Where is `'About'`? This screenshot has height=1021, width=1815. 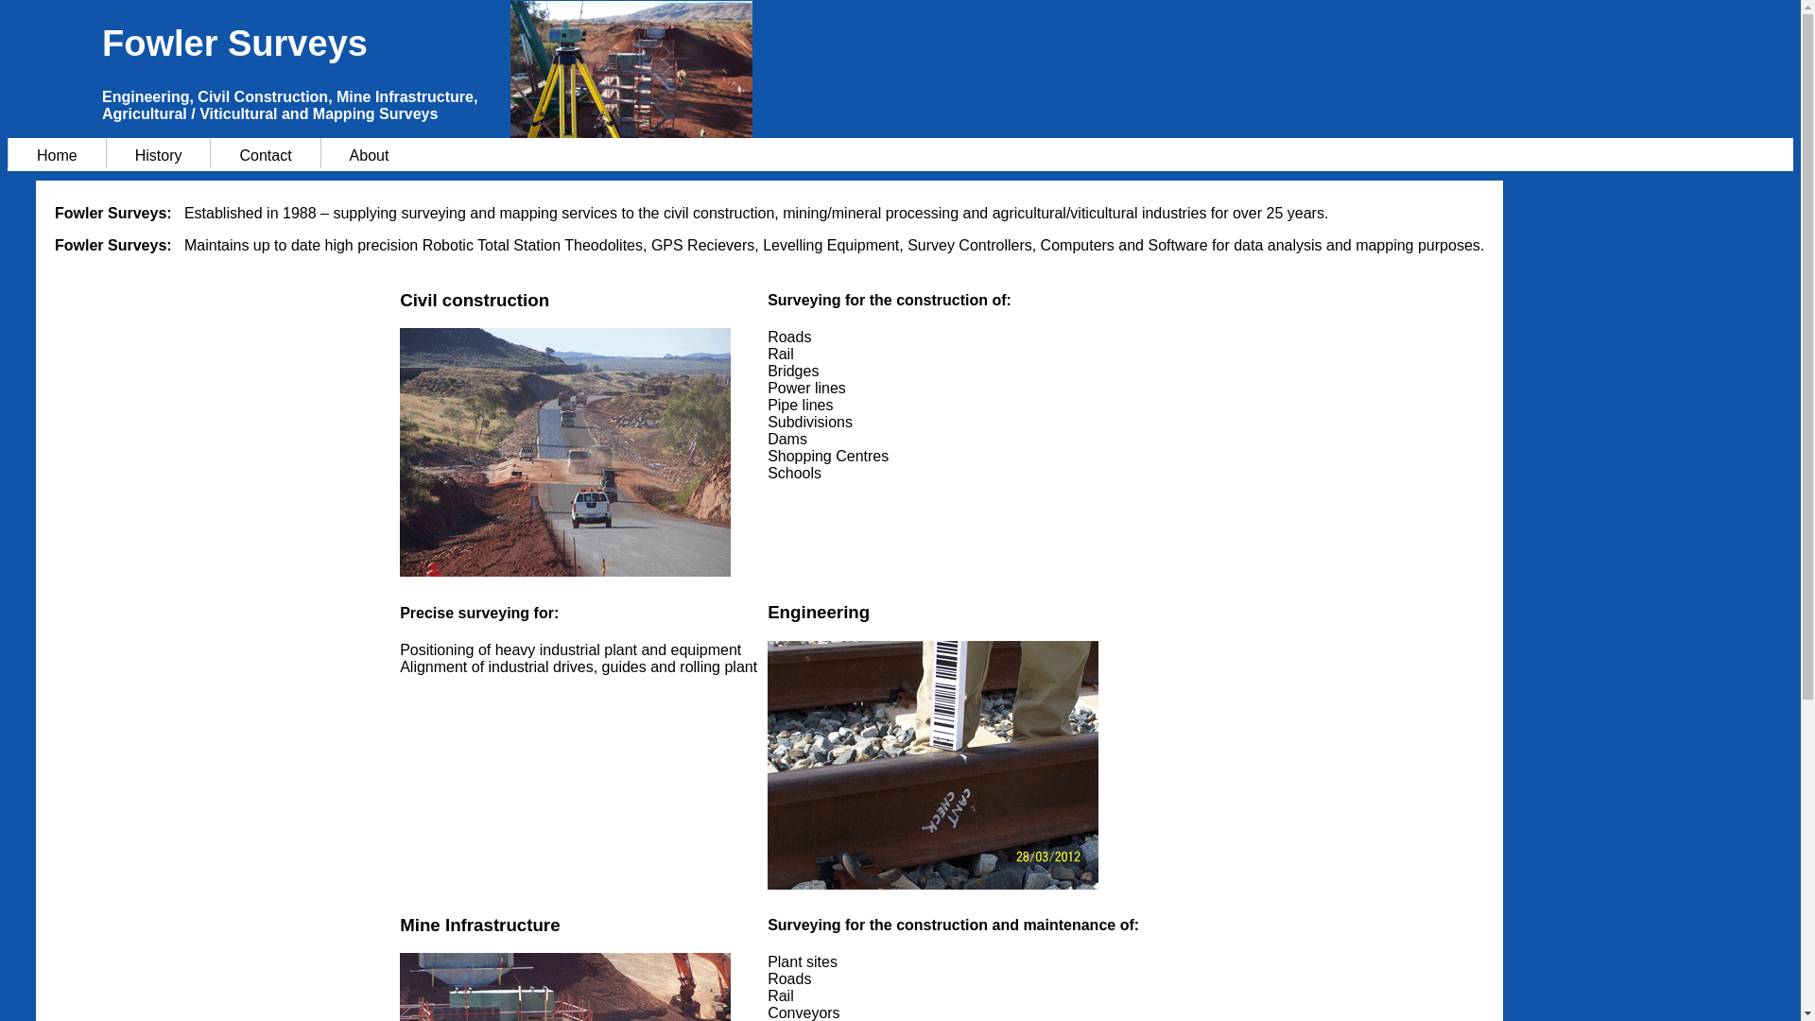
'About' is located at coordinates (320, 152).